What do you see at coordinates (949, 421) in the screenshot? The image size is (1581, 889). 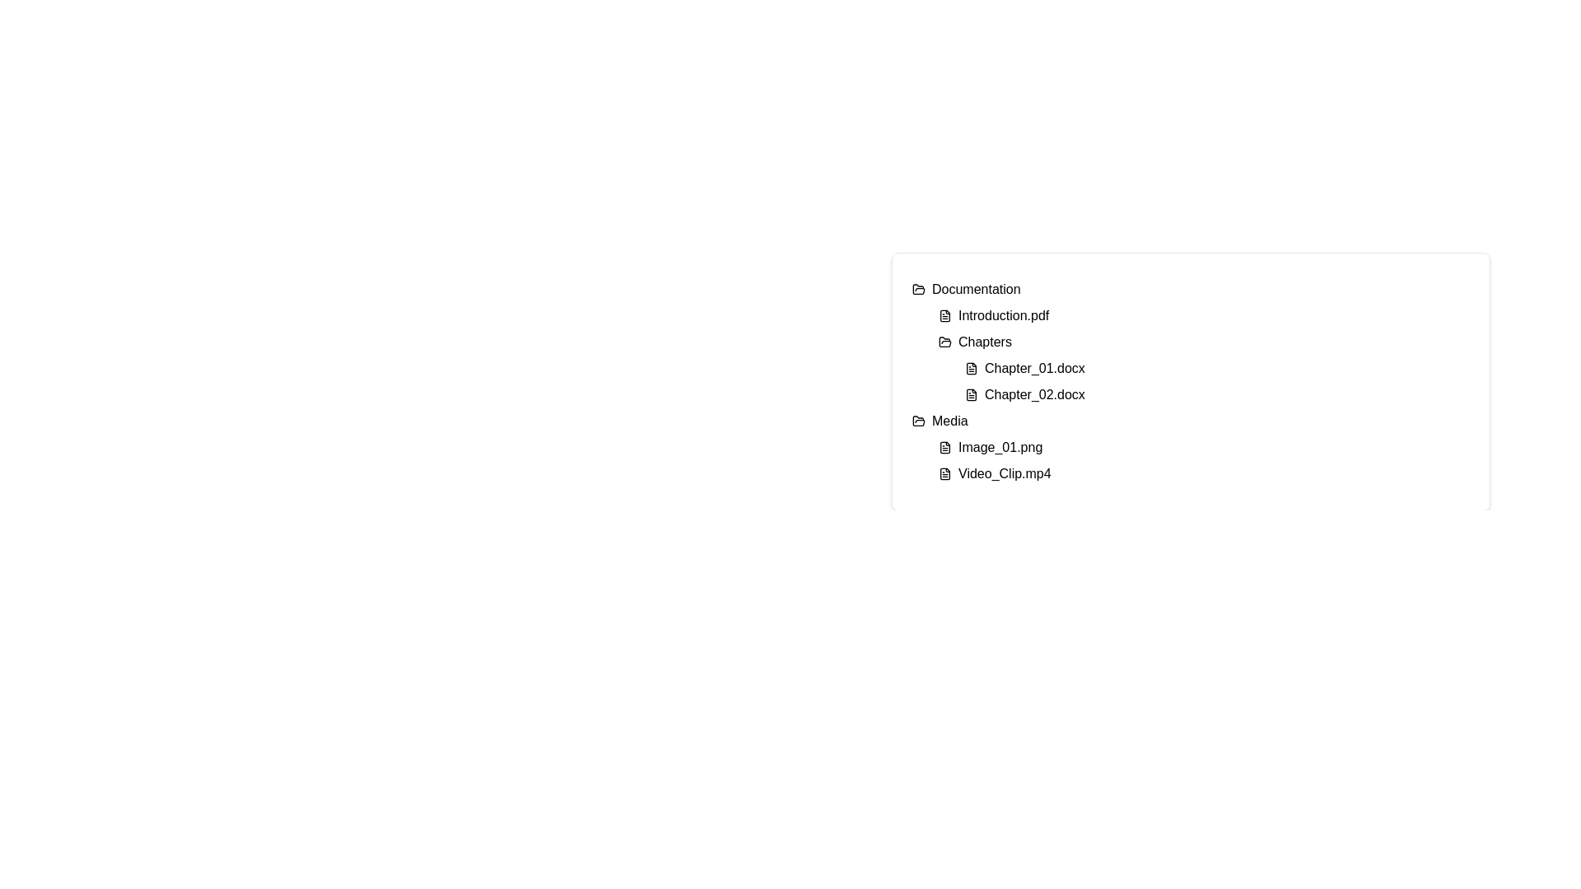 I see `the text label displaying 'Media' located under the 'Media' folder in the hierarchical tree structure on the right side of the interface` at bounding box center [949, 421].